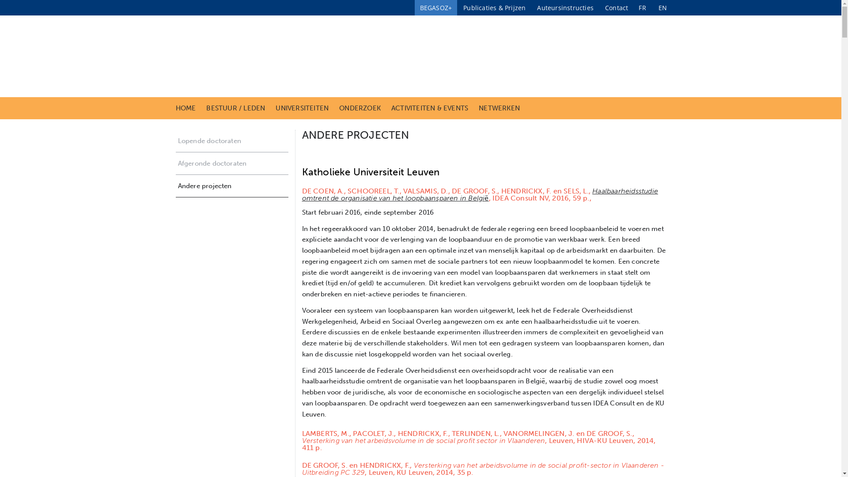 The width and height of the screenshot is (848, 477). I want to click on 'EN', so click(662, 8).